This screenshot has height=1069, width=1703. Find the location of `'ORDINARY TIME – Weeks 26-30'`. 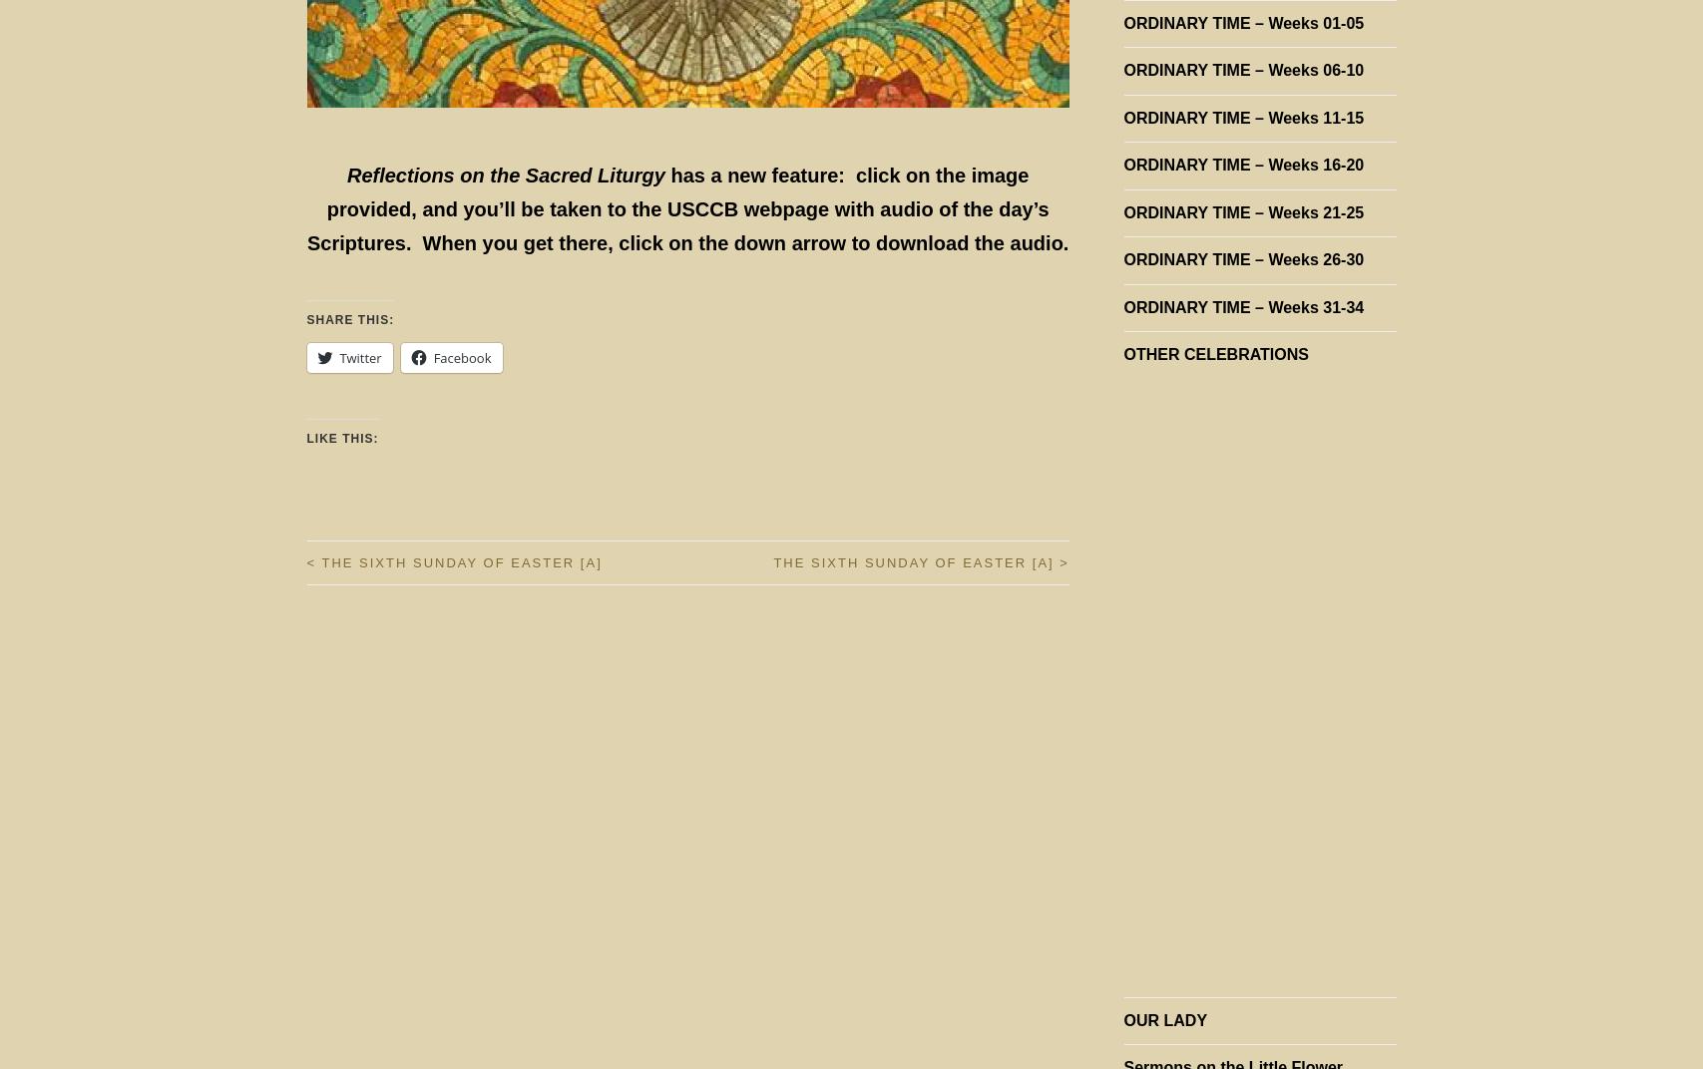

'ORDINARY TIME – Weeks 26-30' is located at coordinates (1242, 259).